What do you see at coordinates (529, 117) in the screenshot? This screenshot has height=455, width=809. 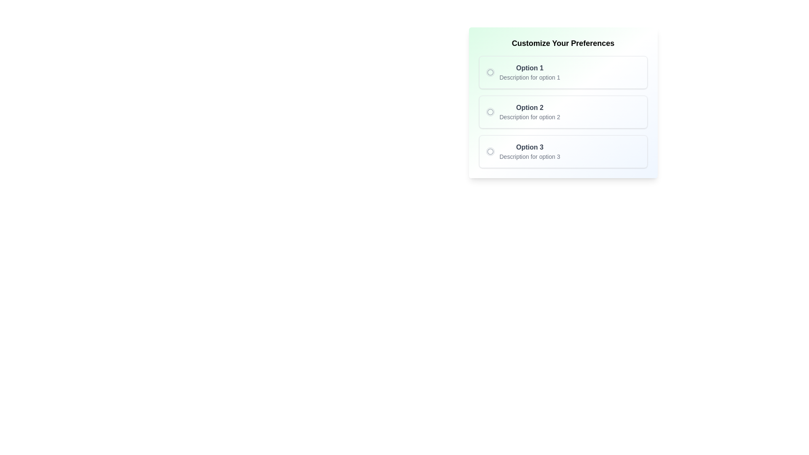 I see `the text label displaying 'Description for option 2', which is styled in gray and located below 'Option 2' in the second option block` at bounding box center [529, 117].